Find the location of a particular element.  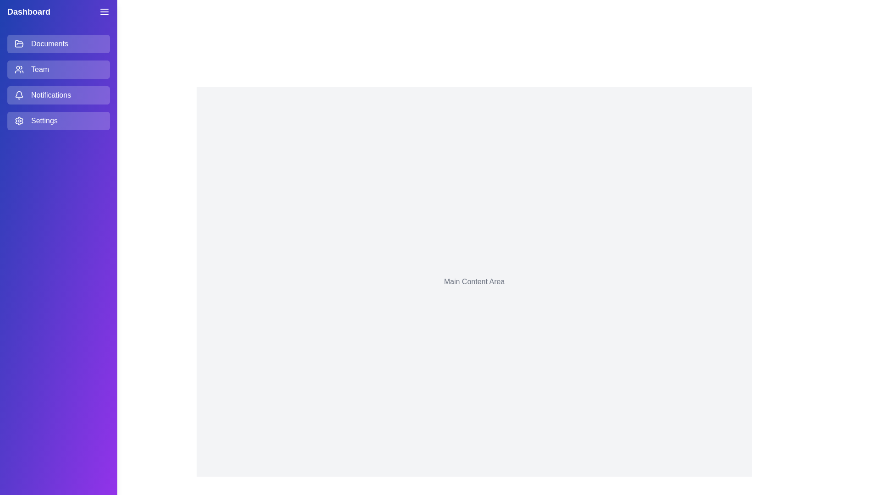

the menu button to toggle the drawer visibility is located at coordinates (104, 12).